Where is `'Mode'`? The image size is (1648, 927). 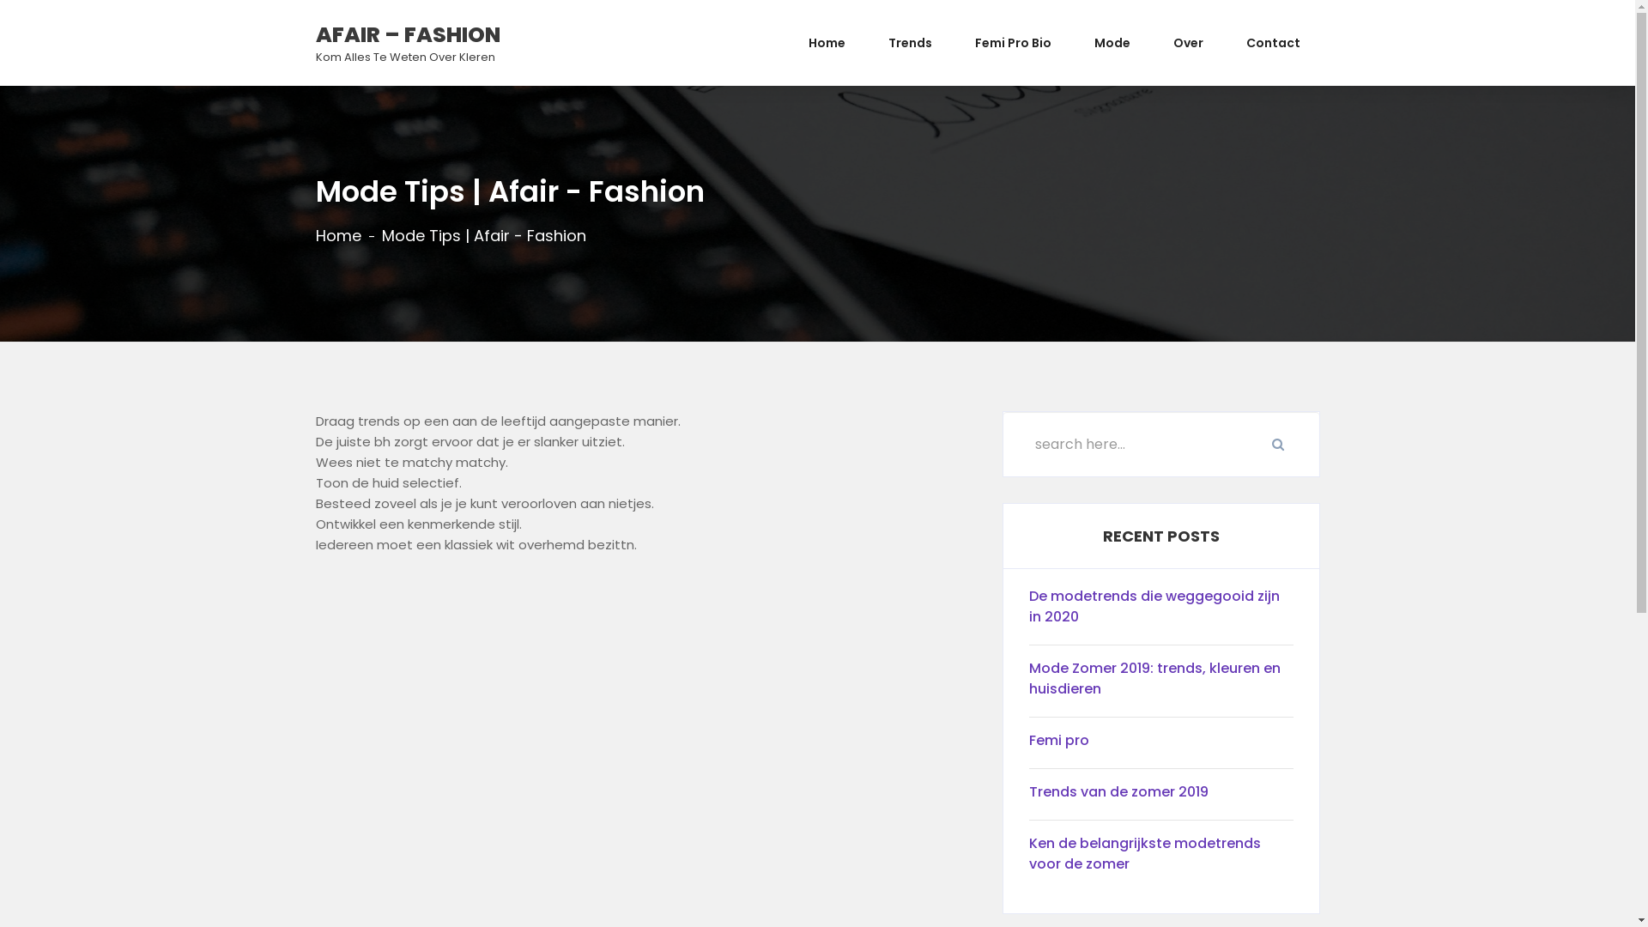 'Mode' is located at coordinates (1071, 42).